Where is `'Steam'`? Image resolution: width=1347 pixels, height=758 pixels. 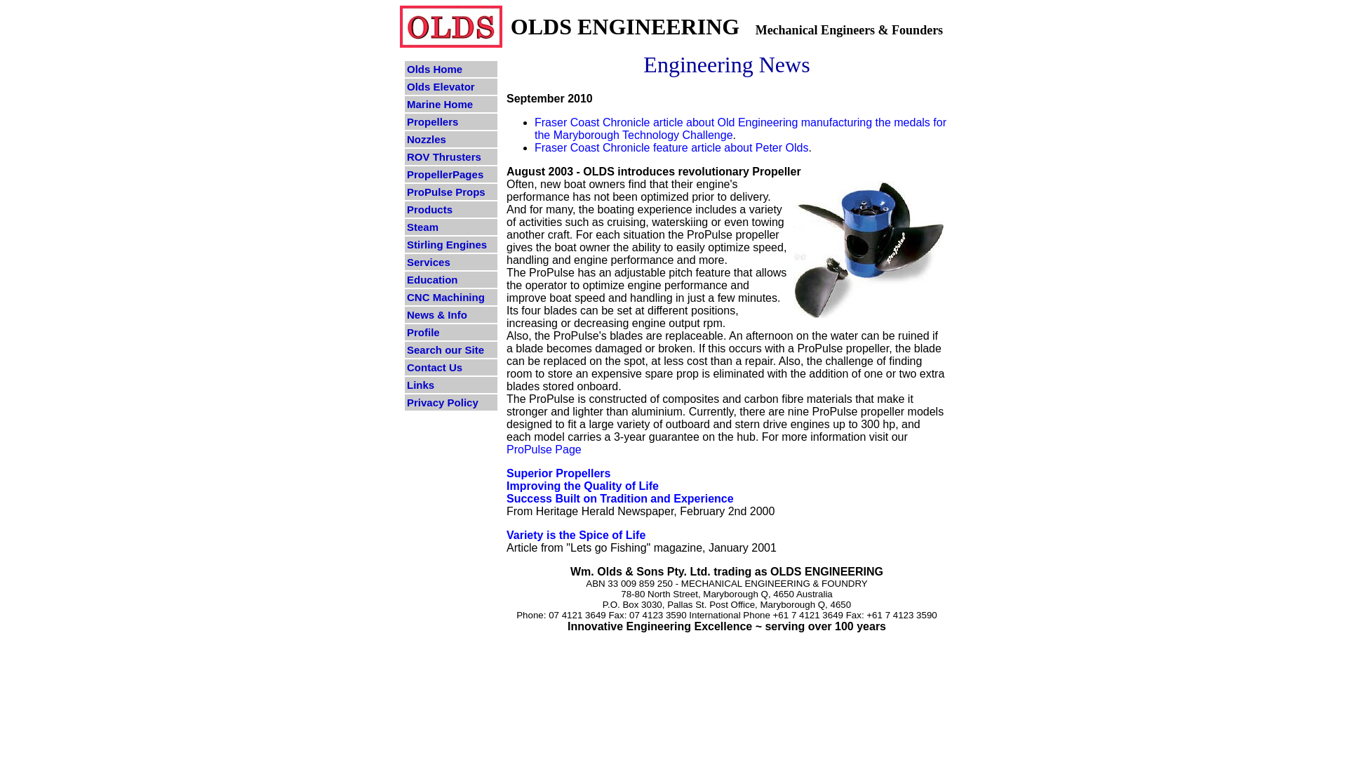
'Steam' is located at coordinates (451, 226).